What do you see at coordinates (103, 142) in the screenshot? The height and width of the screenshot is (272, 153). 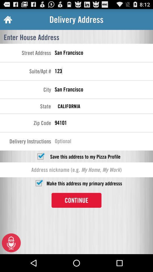 I see `delivery instruction option` at bounding box center [103, 142].